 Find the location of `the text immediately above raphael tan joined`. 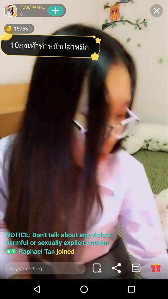

the text immediately above raphael tan joined is located at coordinates (61, 238).